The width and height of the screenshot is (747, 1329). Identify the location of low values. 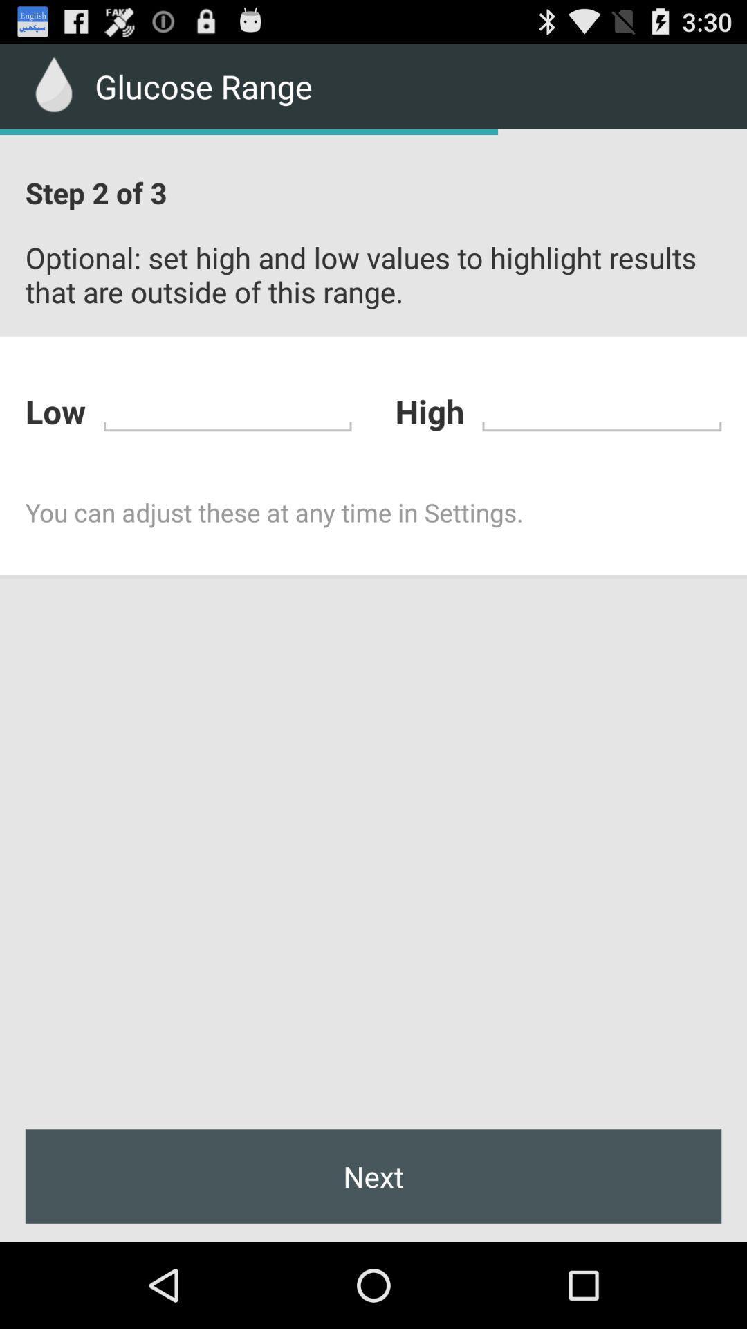
(227, 408).